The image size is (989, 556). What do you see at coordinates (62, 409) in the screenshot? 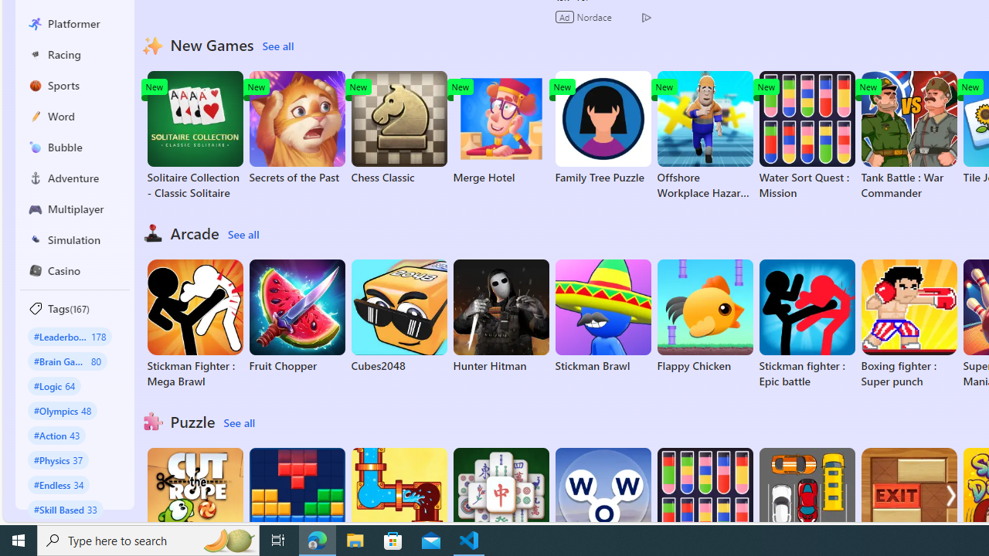
I see `'#Olympics 48'` at bounding box center [62, 409].